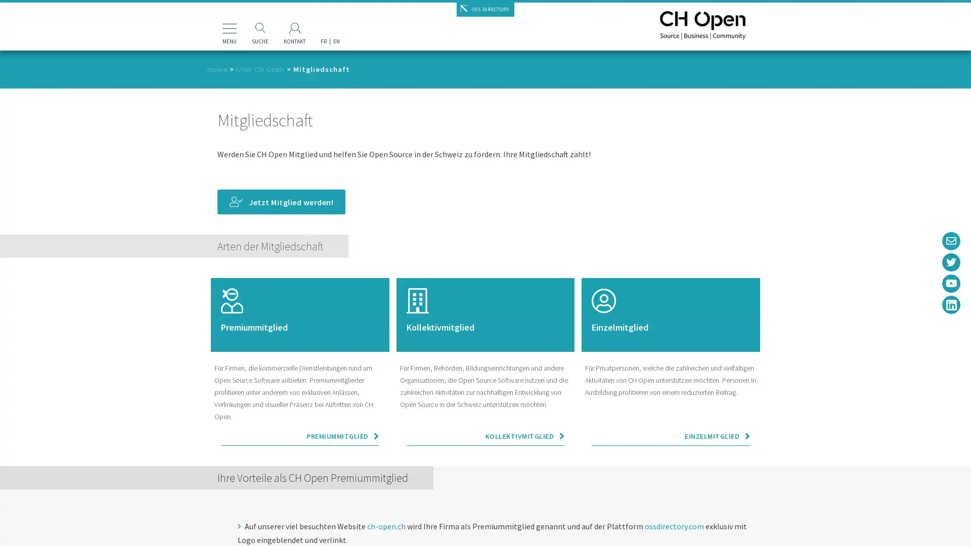 The image size is (971, 546). I want to click on EINZELMITGLIED, so click(671, 438).